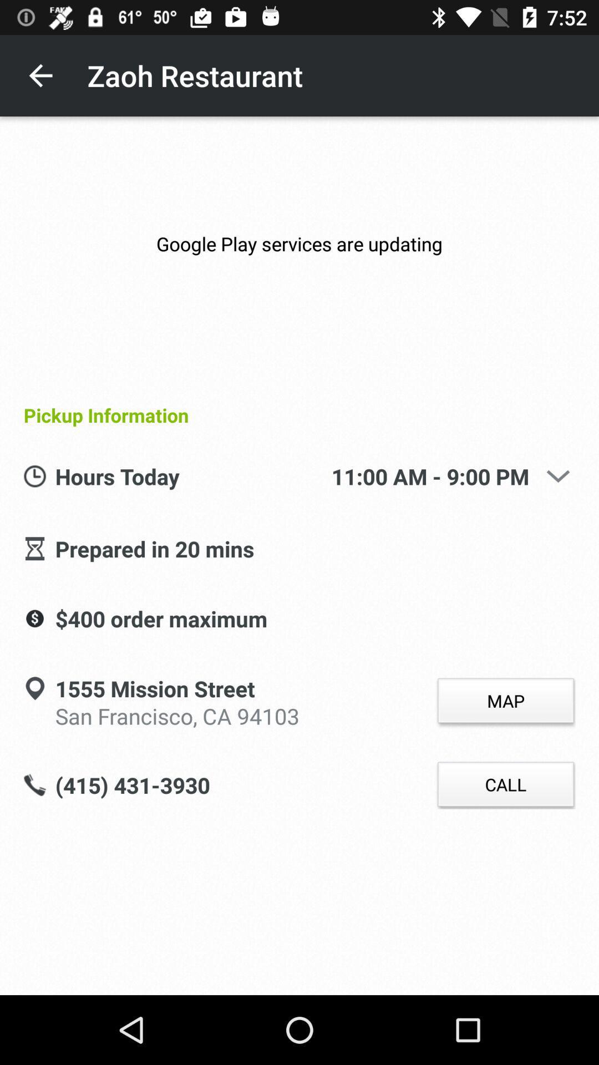 This screenshot has height=1065, width=599. Describe the element at coordinates (161, 619) in the screenshot. I see `the icon below the prepared in 20` at that location.